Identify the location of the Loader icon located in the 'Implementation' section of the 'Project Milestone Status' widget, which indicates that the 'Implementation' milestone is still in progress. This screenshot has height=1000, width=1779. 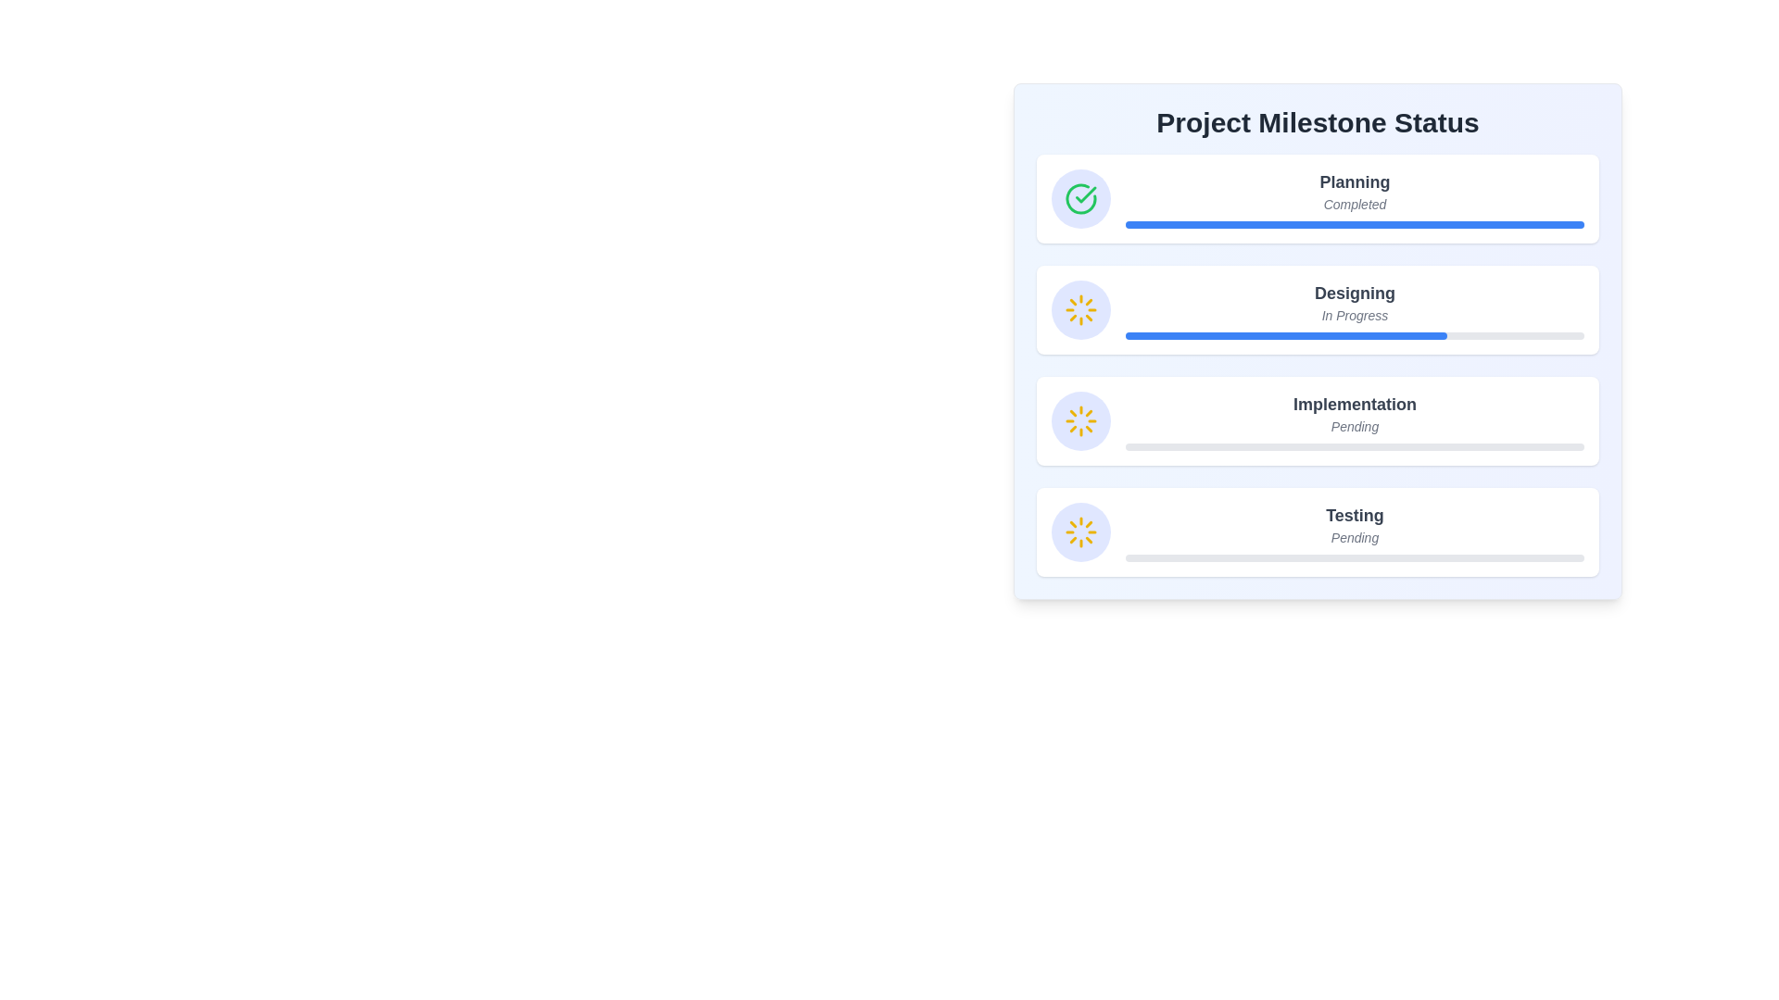
(1080, 421).